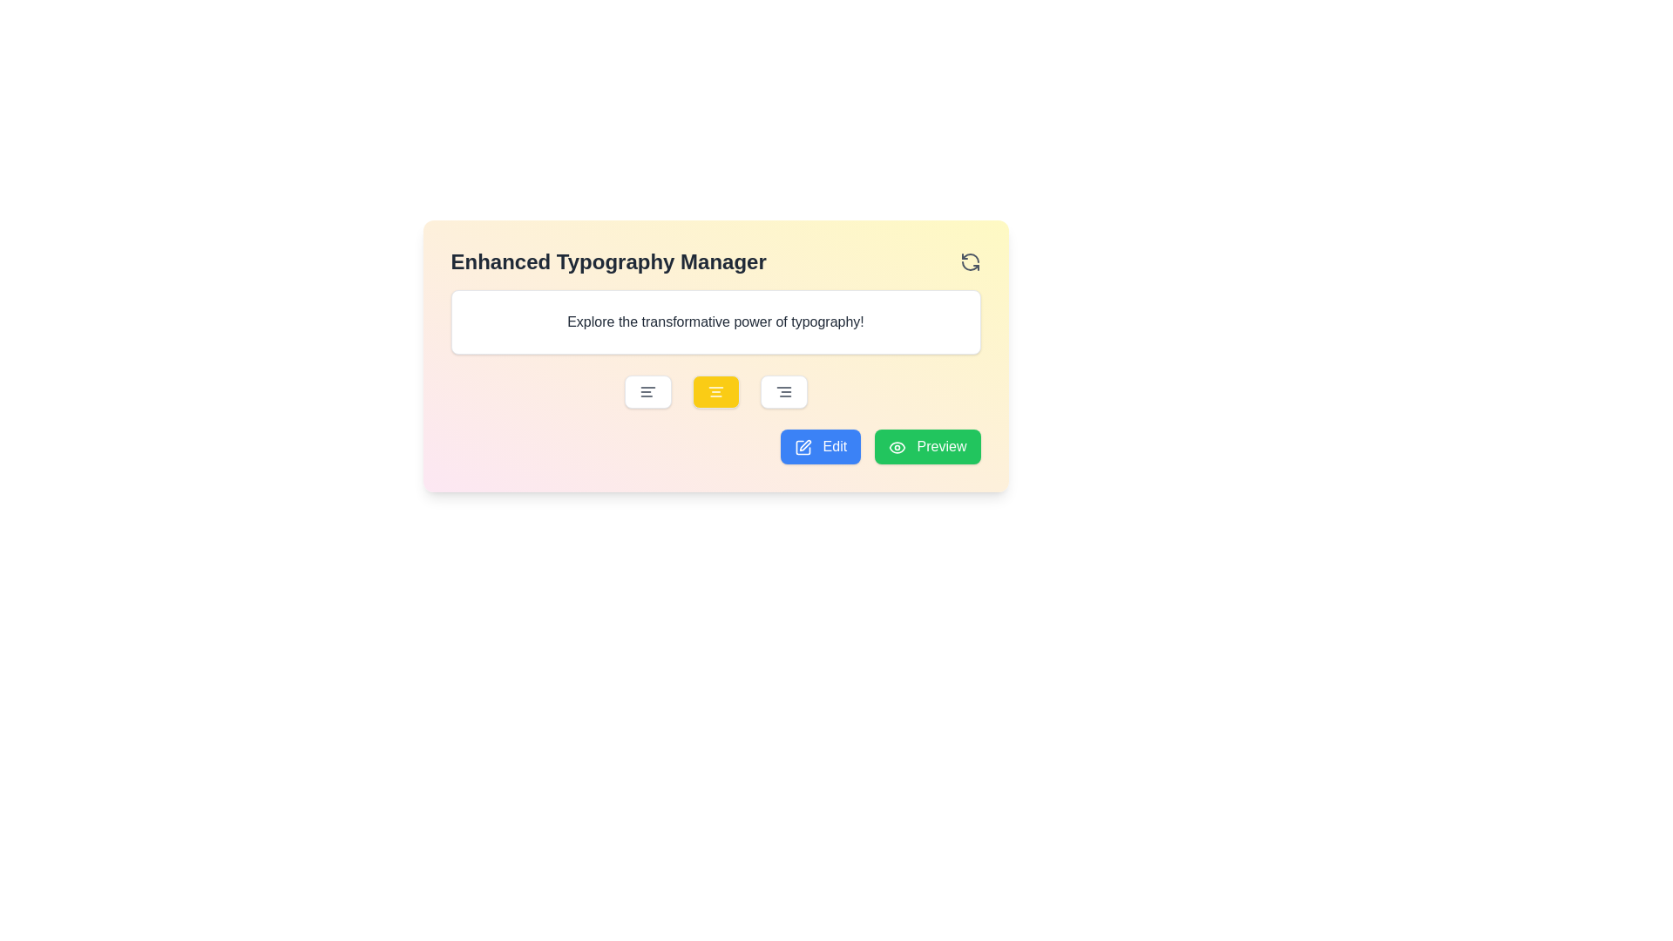 Image resolution: width=1673 pixels, height=941 pixels. What do you see at coordinates (782, 392) in the screenshot?
I see `the right-align button, which is the fourth button in a horizontal group of text alignment buttons located below the input field, to apply right text alignment to the content` at bounding box center [782, 392].